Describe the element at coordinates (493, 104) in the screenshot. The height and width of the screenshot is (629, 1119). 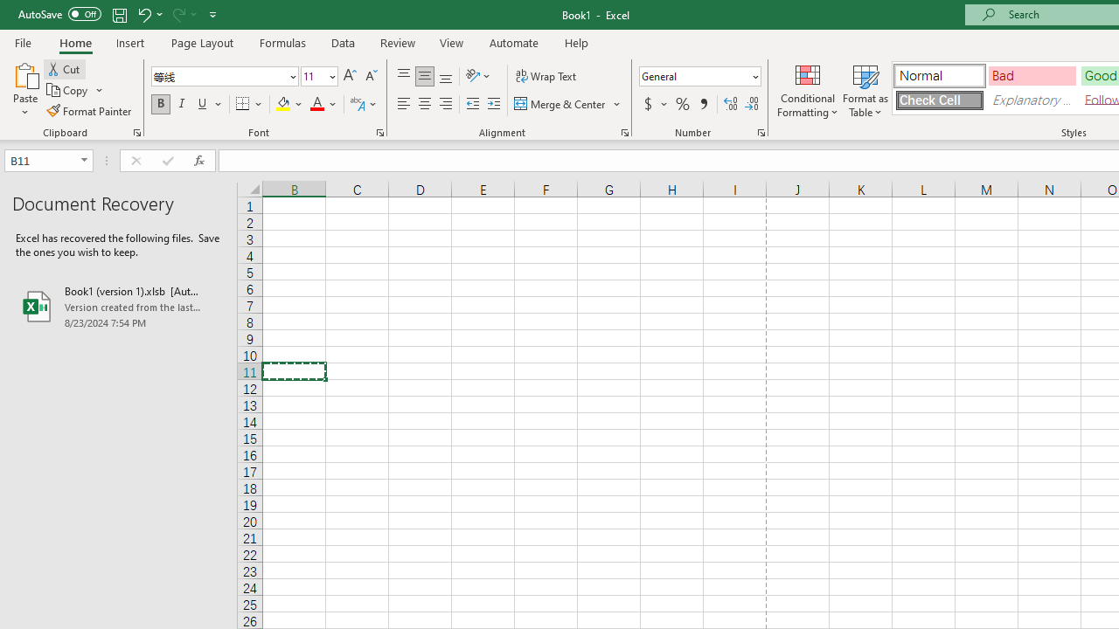
I see `'Increase Indent'` at that location.